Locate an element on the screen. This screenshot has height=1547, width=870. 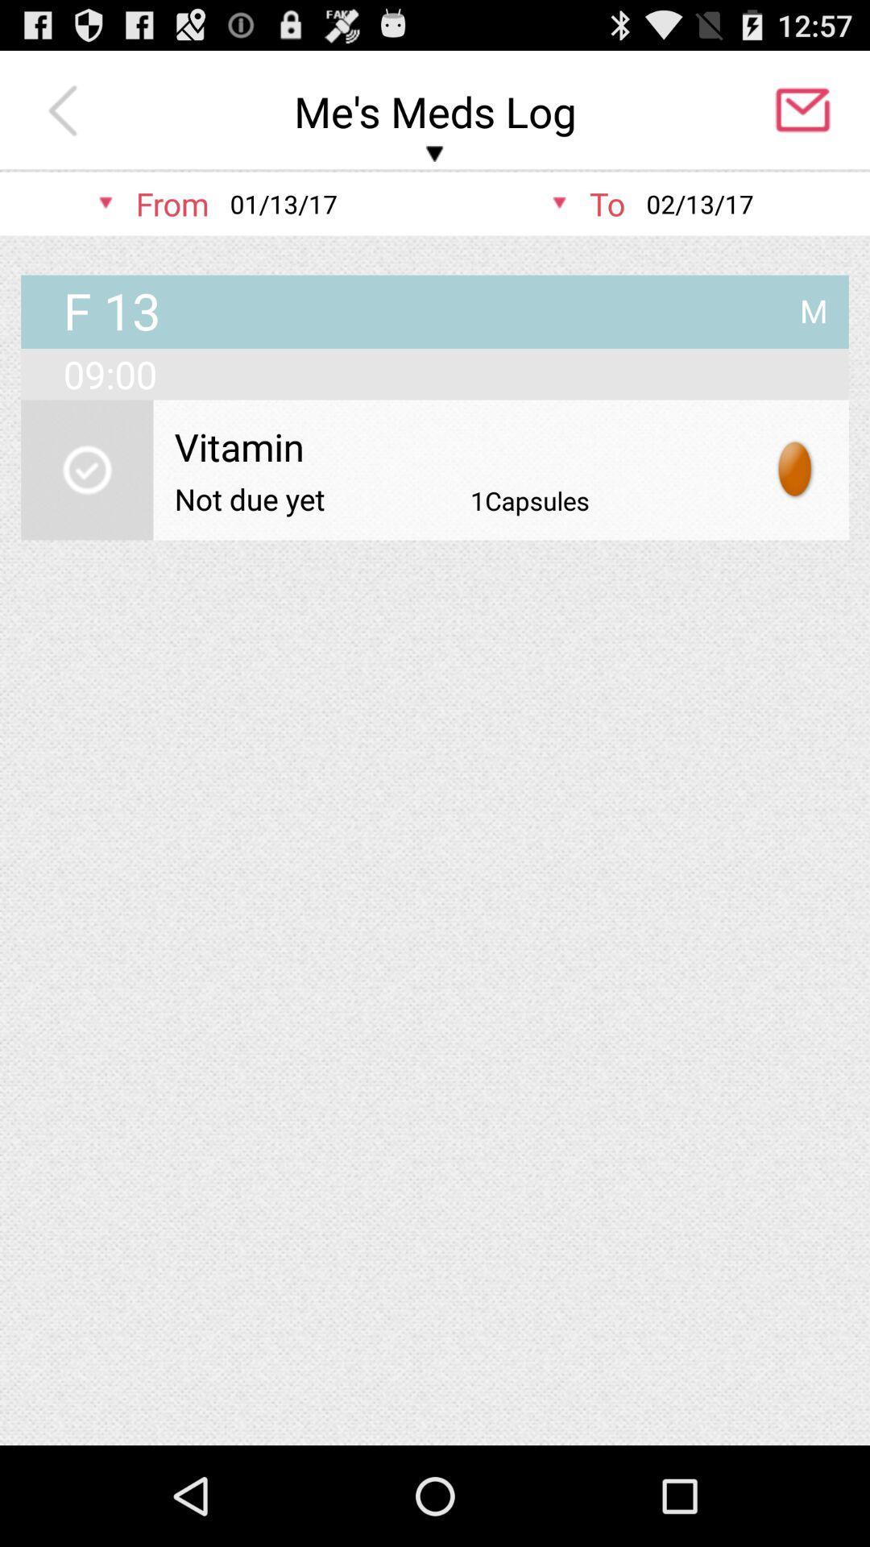
the item to the right of the not due yet item is located at coordinates (530, 500).